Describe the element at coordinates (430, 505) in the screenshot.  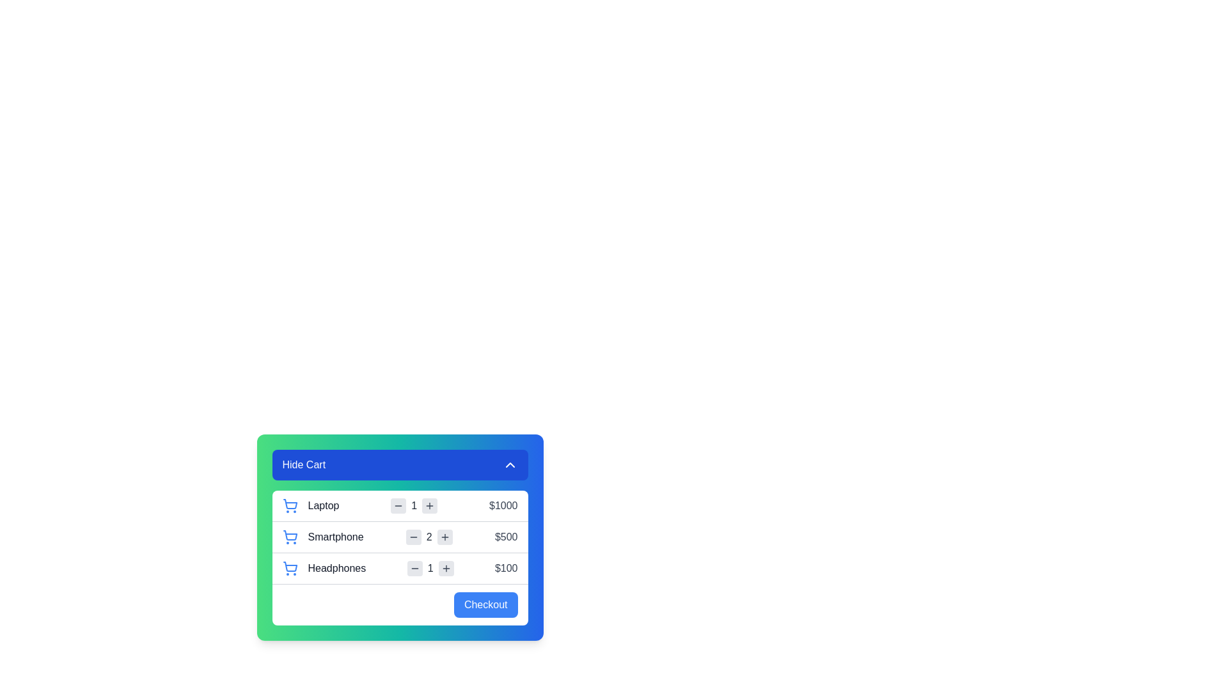
I see `the small gray button with a dark gray plus sign icon, which is the second button` at that location.